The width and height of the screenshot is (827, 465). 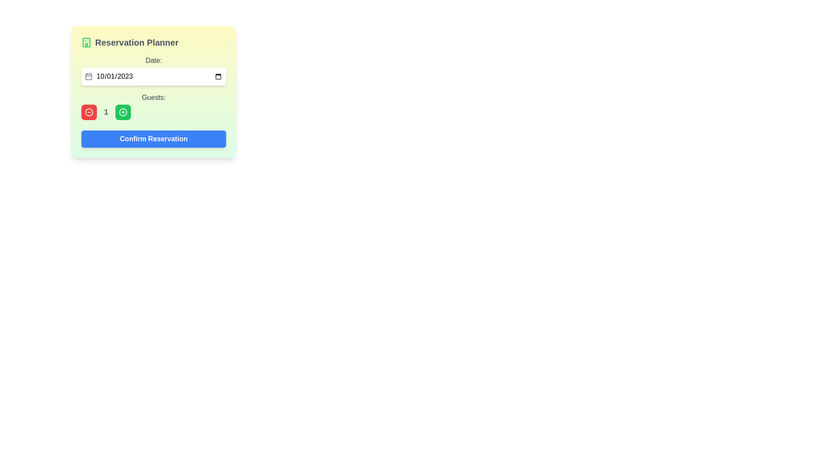 I want to click on the label indicating the function of the controls for setting the number of guests, which is located in the middle section of the form interface, directly below the date input field, so click(x=153, y=97).